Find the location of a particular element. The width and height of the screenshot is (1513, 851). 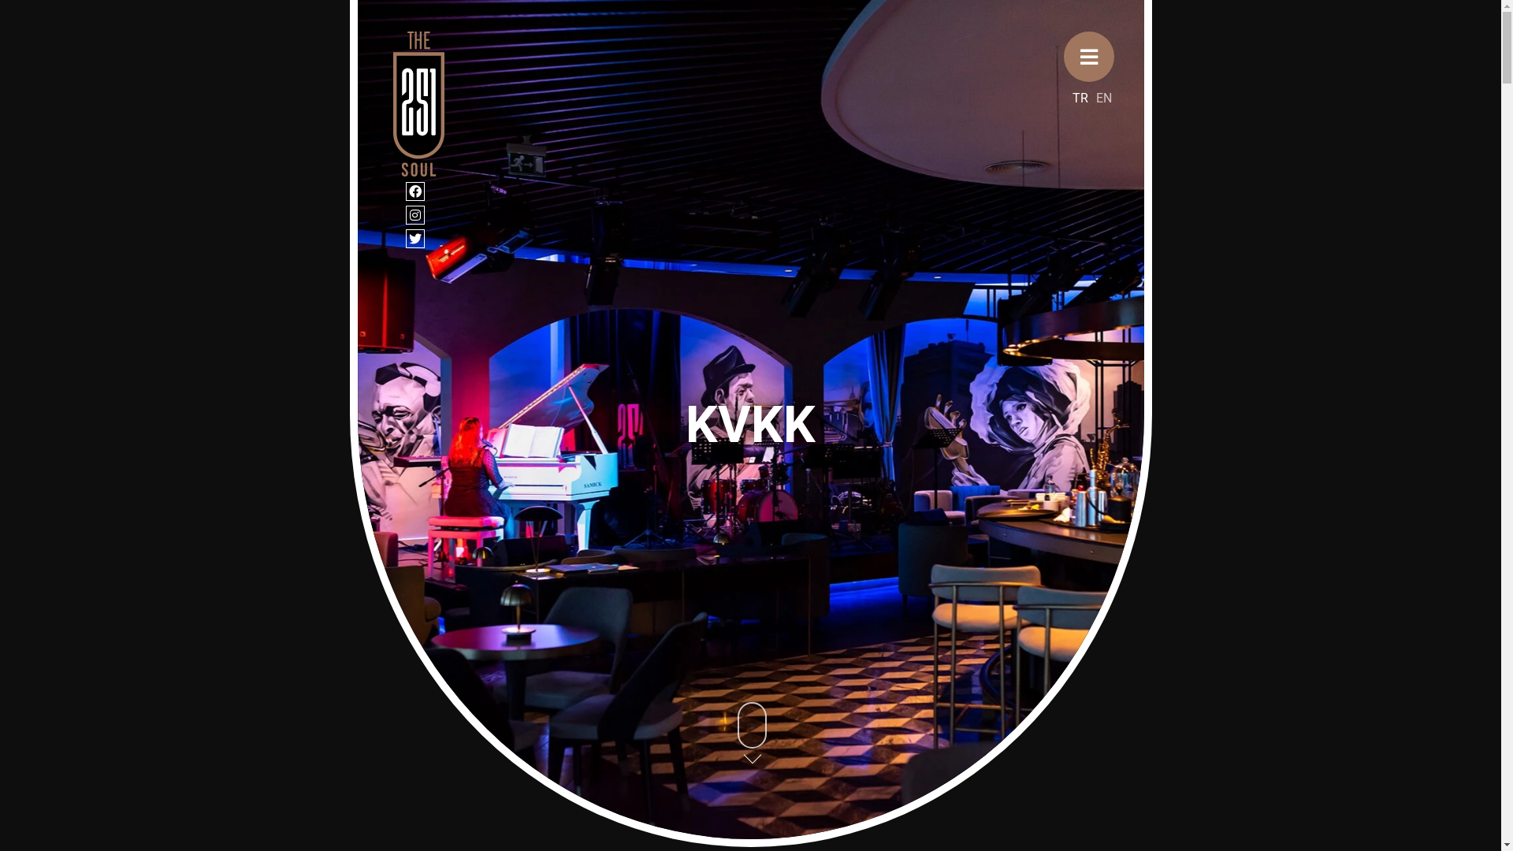

'EN' is located at coordinates (1095, 98).